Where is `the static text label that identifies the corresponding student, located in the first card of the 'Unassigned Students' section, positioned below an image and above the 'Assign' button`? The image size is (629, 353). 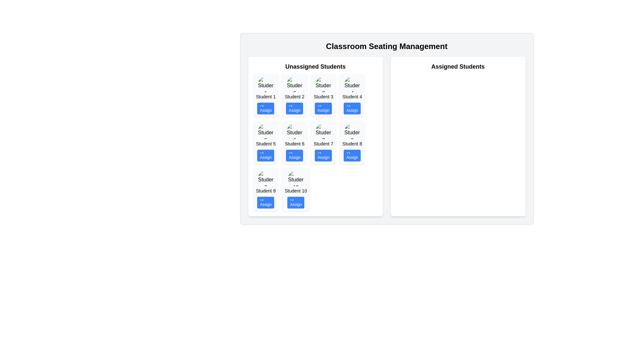
the static text label that identifies the corresponding student, located in the first card of the 'Unassigned Students' section, positioned below an image and above the 'Assign' button is located at coordinates (266, 97).